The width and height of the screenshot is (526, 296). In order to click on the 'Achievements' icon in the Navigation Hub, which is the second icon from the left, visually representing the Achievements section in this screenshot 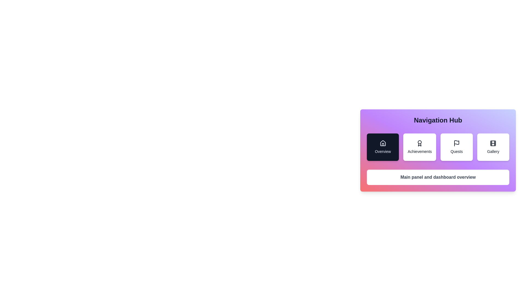, I will do `click(419, 143)`.